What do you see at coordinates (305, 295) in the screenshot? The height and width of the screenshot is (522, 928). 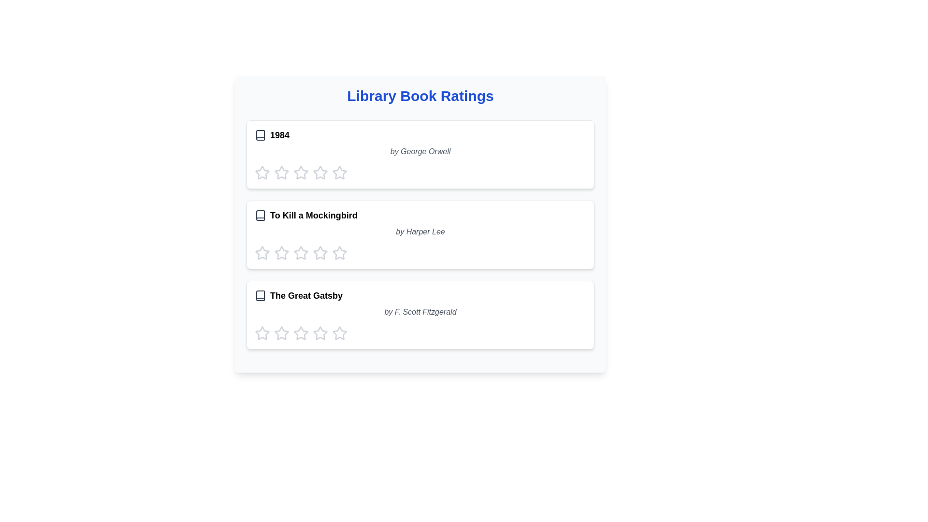 I see `the title of the book entry, which is the third element in a vertical list of book entries, providing a textual representation of the book` at bounding box center [305, 295].